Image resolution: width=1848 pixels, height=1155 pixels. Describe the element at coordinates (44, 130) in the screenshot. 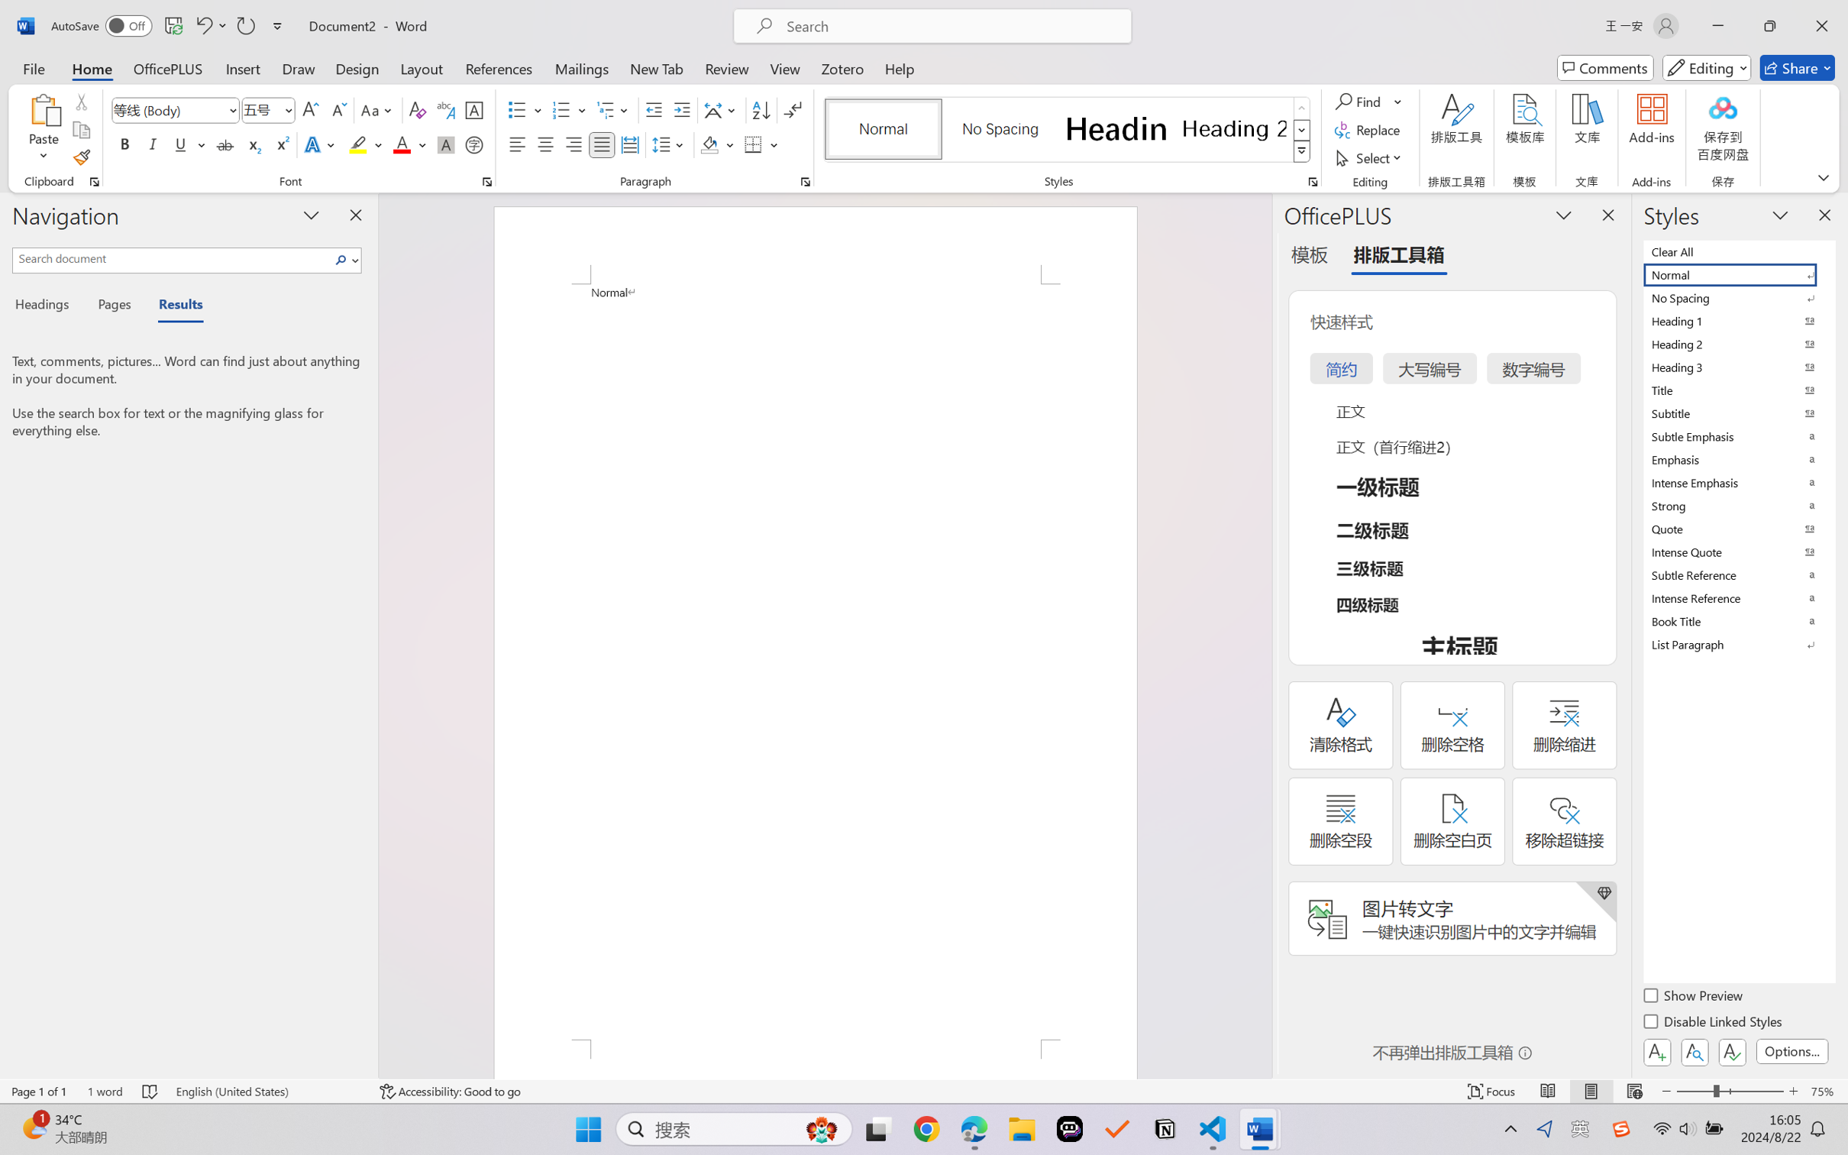

I see `'Paste'` at that location.